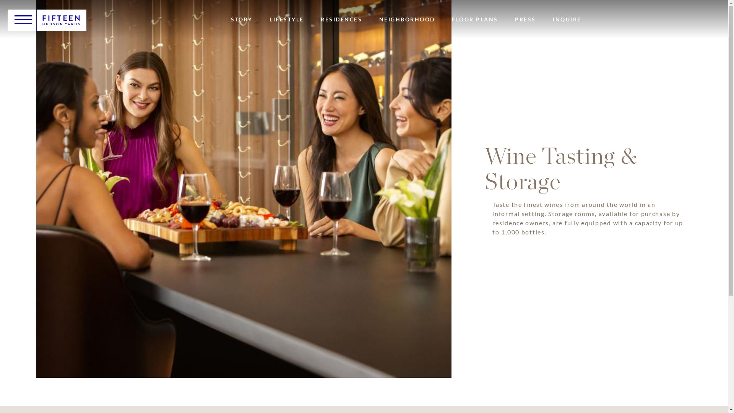 The width and height of the screenshot is (734, 413). I want to click on 'NEIGHBORHOOD', so click(379, 19).